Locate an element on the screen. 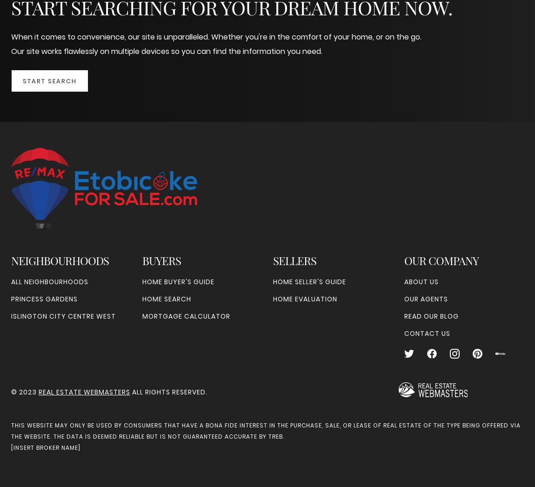 The width and height of the screenshot is (535, 487). 'Contact Us' is located at coordinates (427, 333).